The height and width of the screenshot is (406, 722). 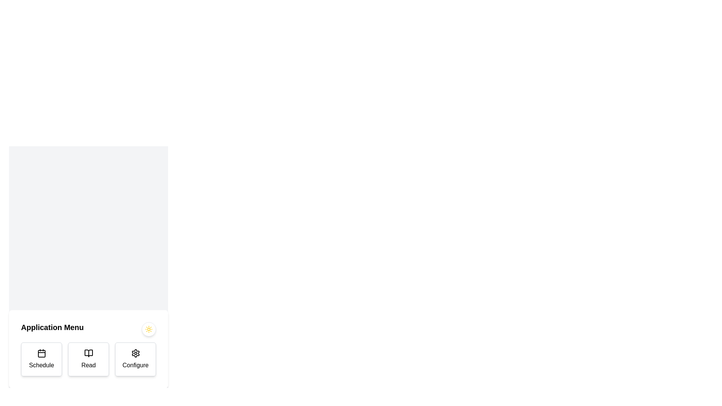 I want to click on the 'Read' icon located centrally within the rectangular card labeled 'Read', so click(x=88, y=353).